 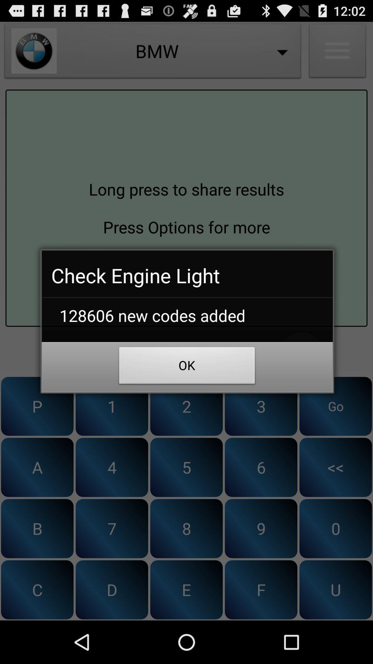 I want to click on click button, so click(x=186, y=353).